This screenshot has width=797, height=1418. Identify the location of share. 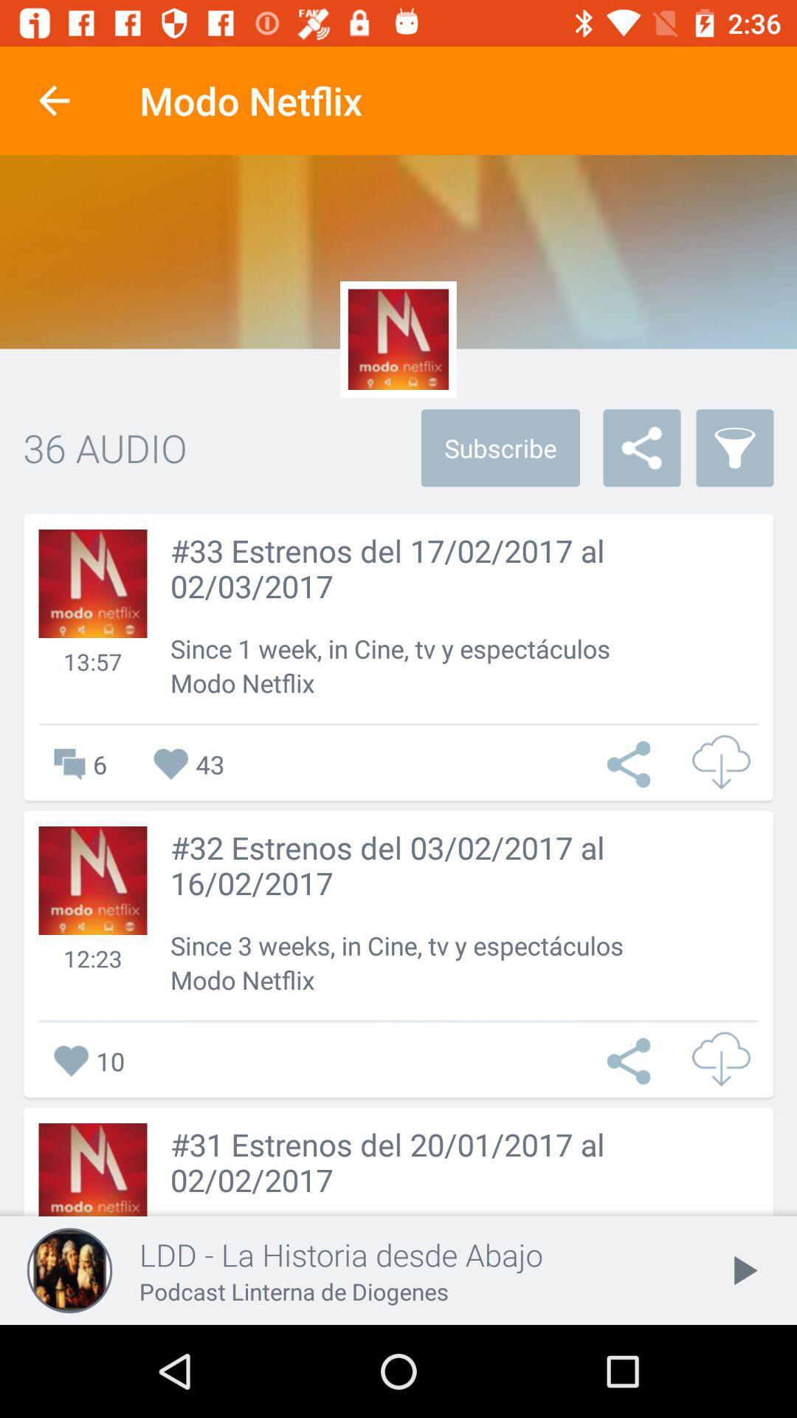
(632, 764).